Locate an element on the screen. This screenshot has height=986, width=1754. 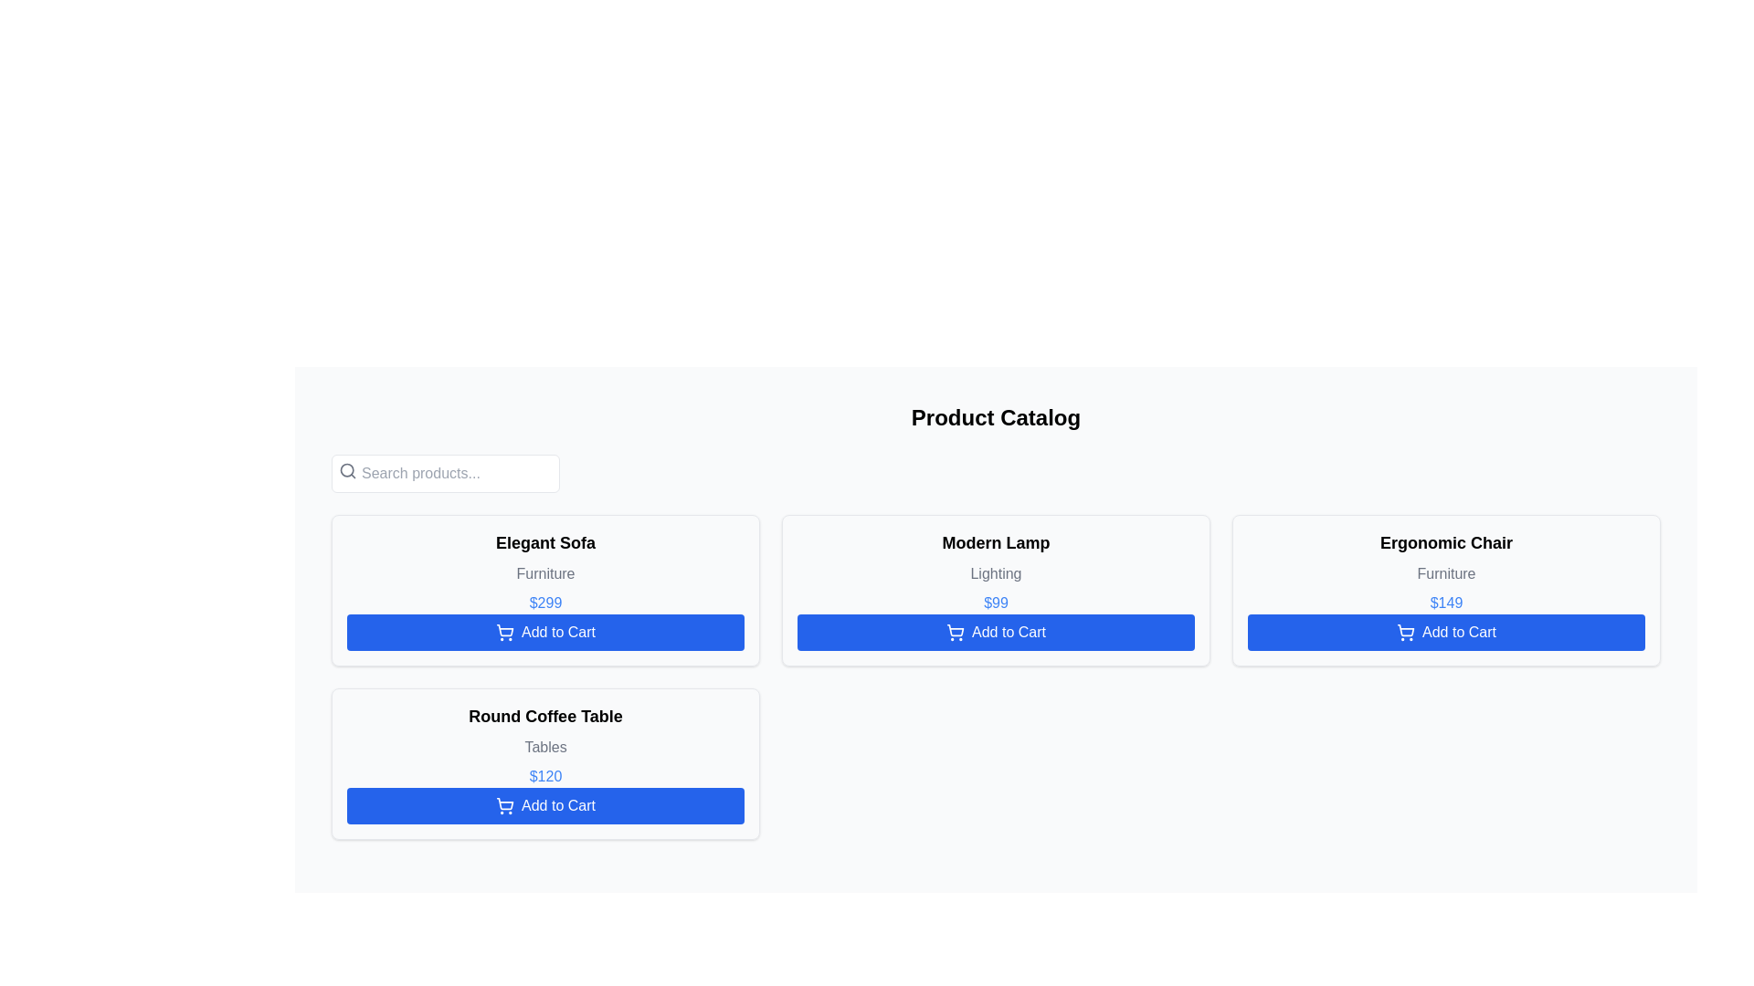
product description and price details of the 'Round Coffee Table' which is located in the second row of the product grid layout is located at coordinates (544, 764).